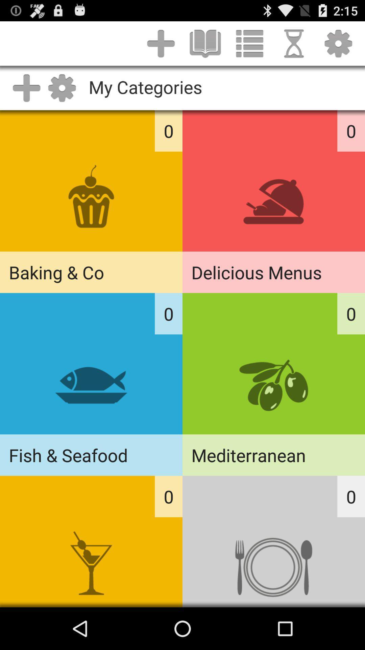  Describe the element at coordinates (294, 46) in the screenshot. I see `the bookmark icon` at that location.